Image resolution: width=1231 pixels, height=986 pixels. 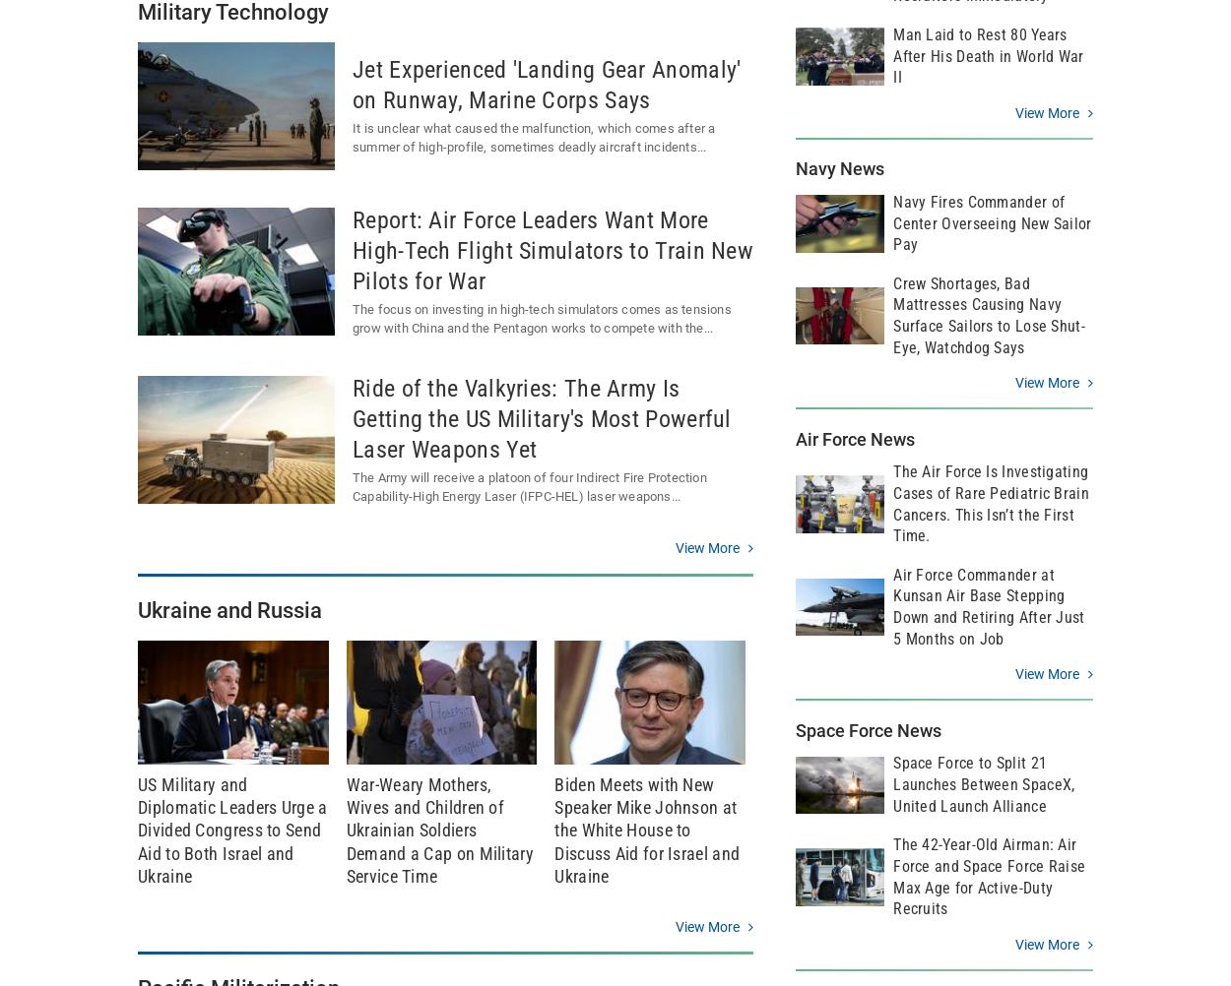 What do you see at coordinates (547, 84) in the screenshot?
I see `'Jet Experienced 'Landing Gear Anomaly' on Runway, Marine Corps Says'` at bounding box center [547, 84].